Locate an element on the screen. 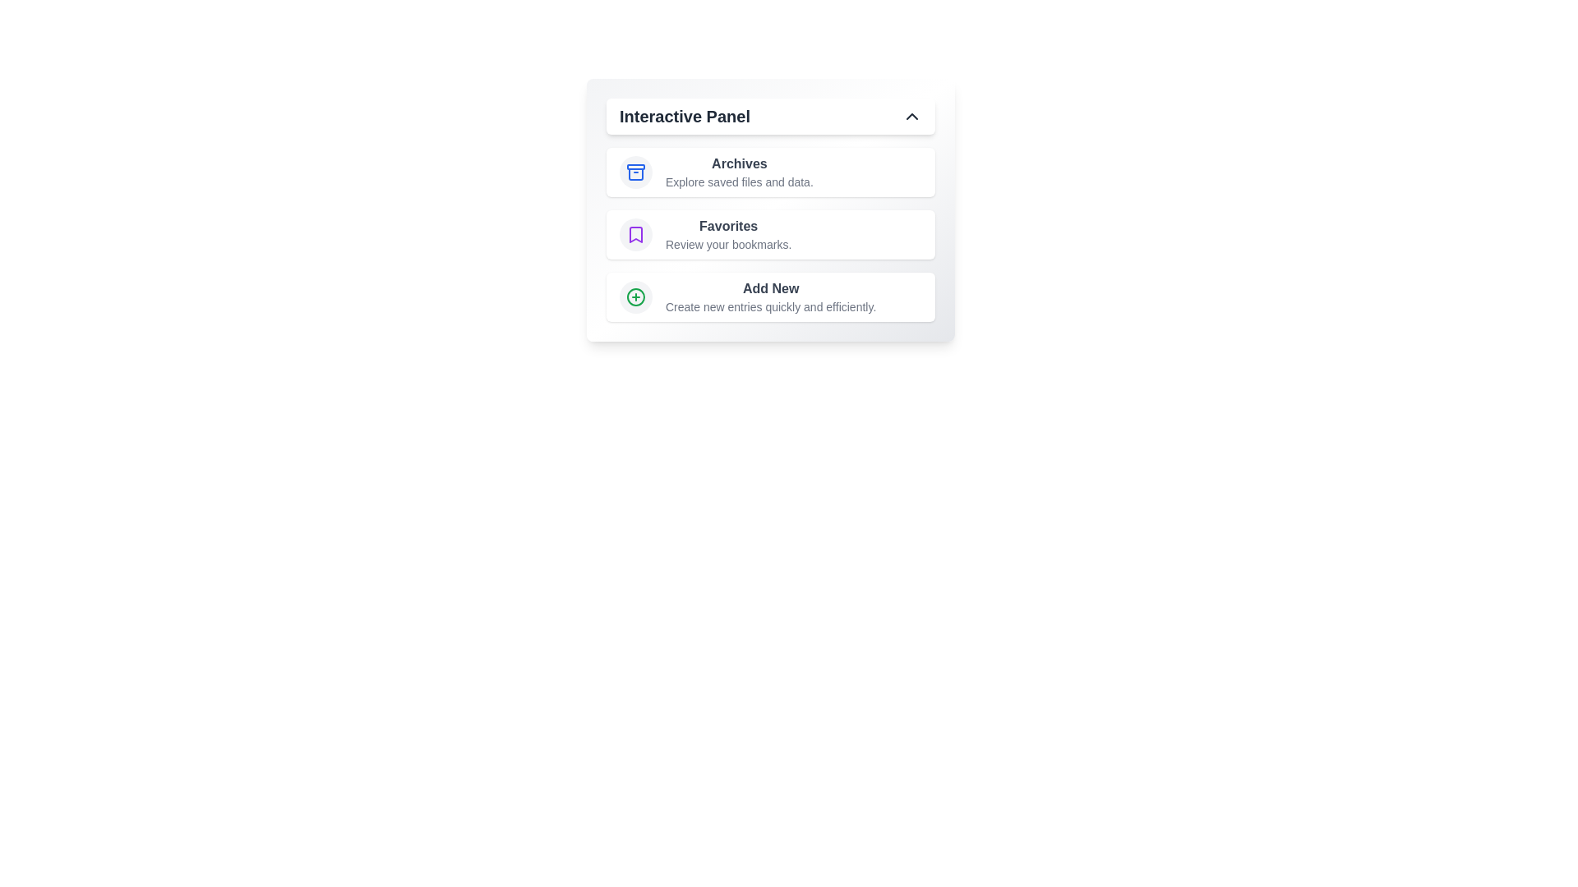 The image size is (1578, 887). the icon for Add New to trigger its associated interaction is located at coordinates (634, 297).